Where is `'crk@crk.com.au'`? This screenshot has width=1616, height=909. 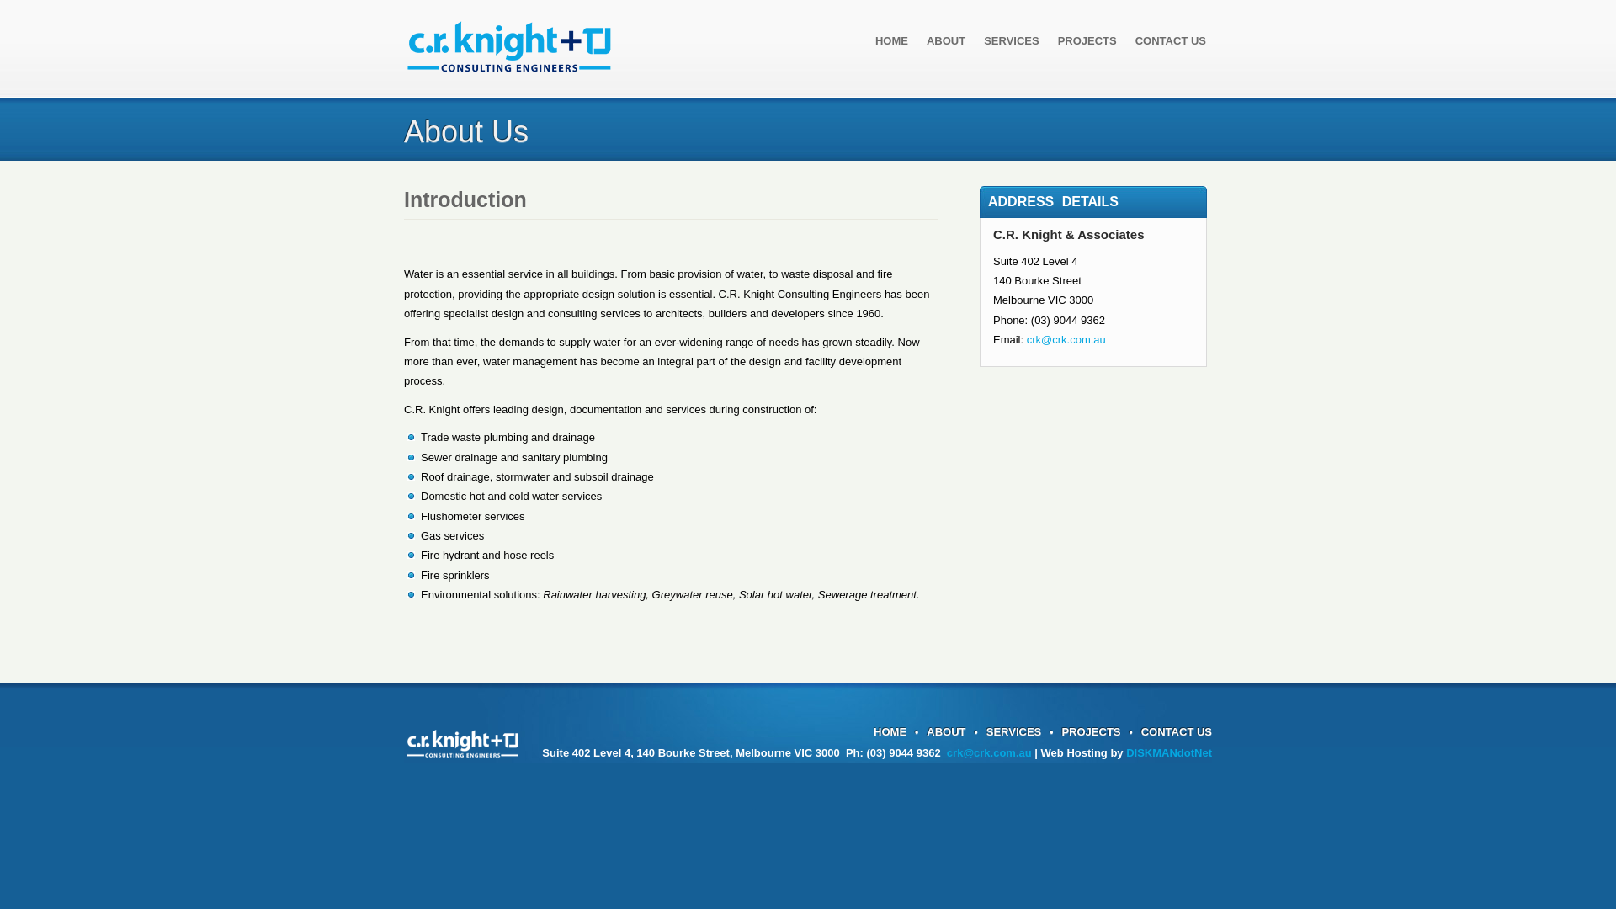
'crk@crk.com.au' is located at coordinates (989, 752).